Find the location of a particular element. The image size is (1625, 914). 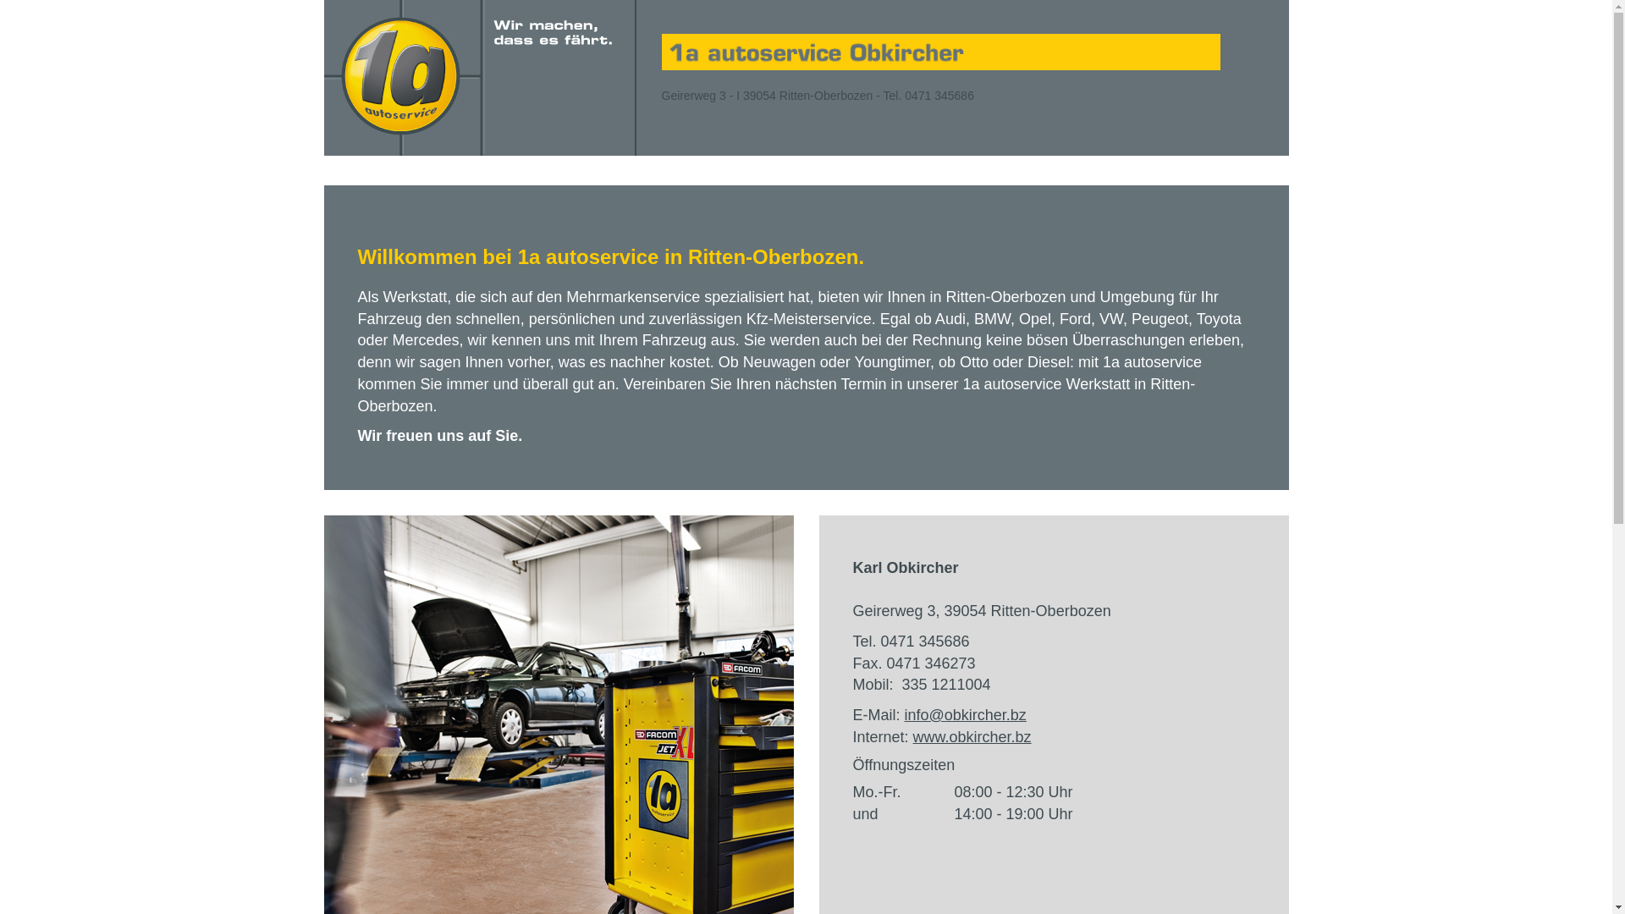

'info@obkircher.bz' is located at coordinates (966, 714).